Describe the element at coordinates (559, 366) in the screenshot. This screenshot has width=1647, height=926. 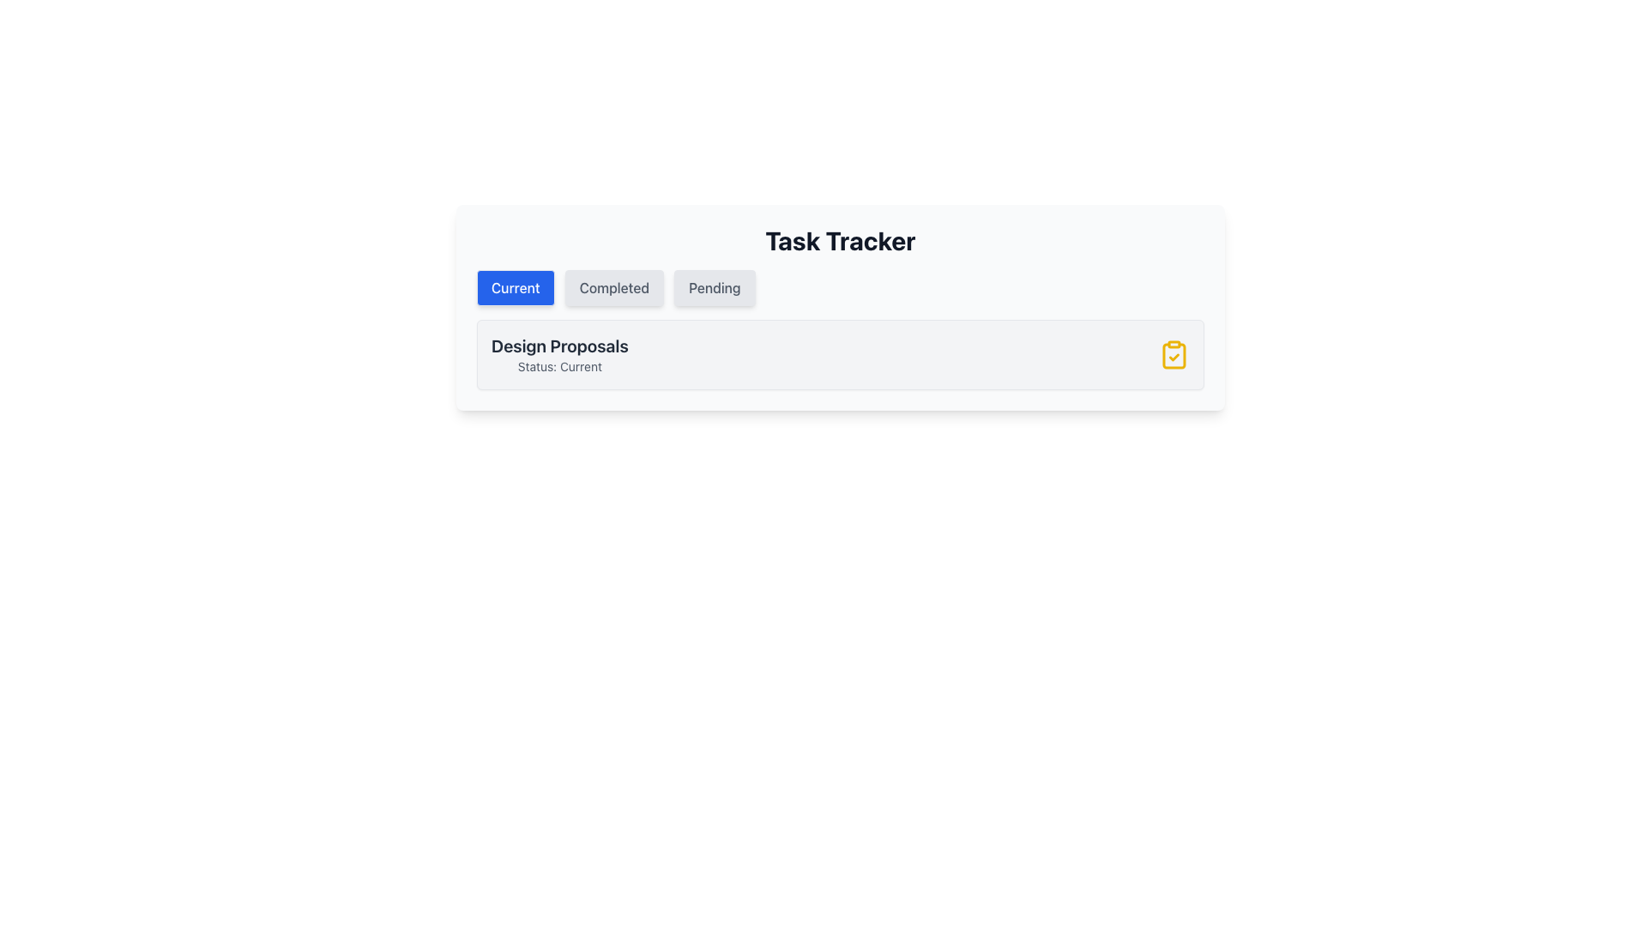
I see `the static text label that displays the current status of the associated task or project, located directly below the 'Design Proposals' text` at that location.